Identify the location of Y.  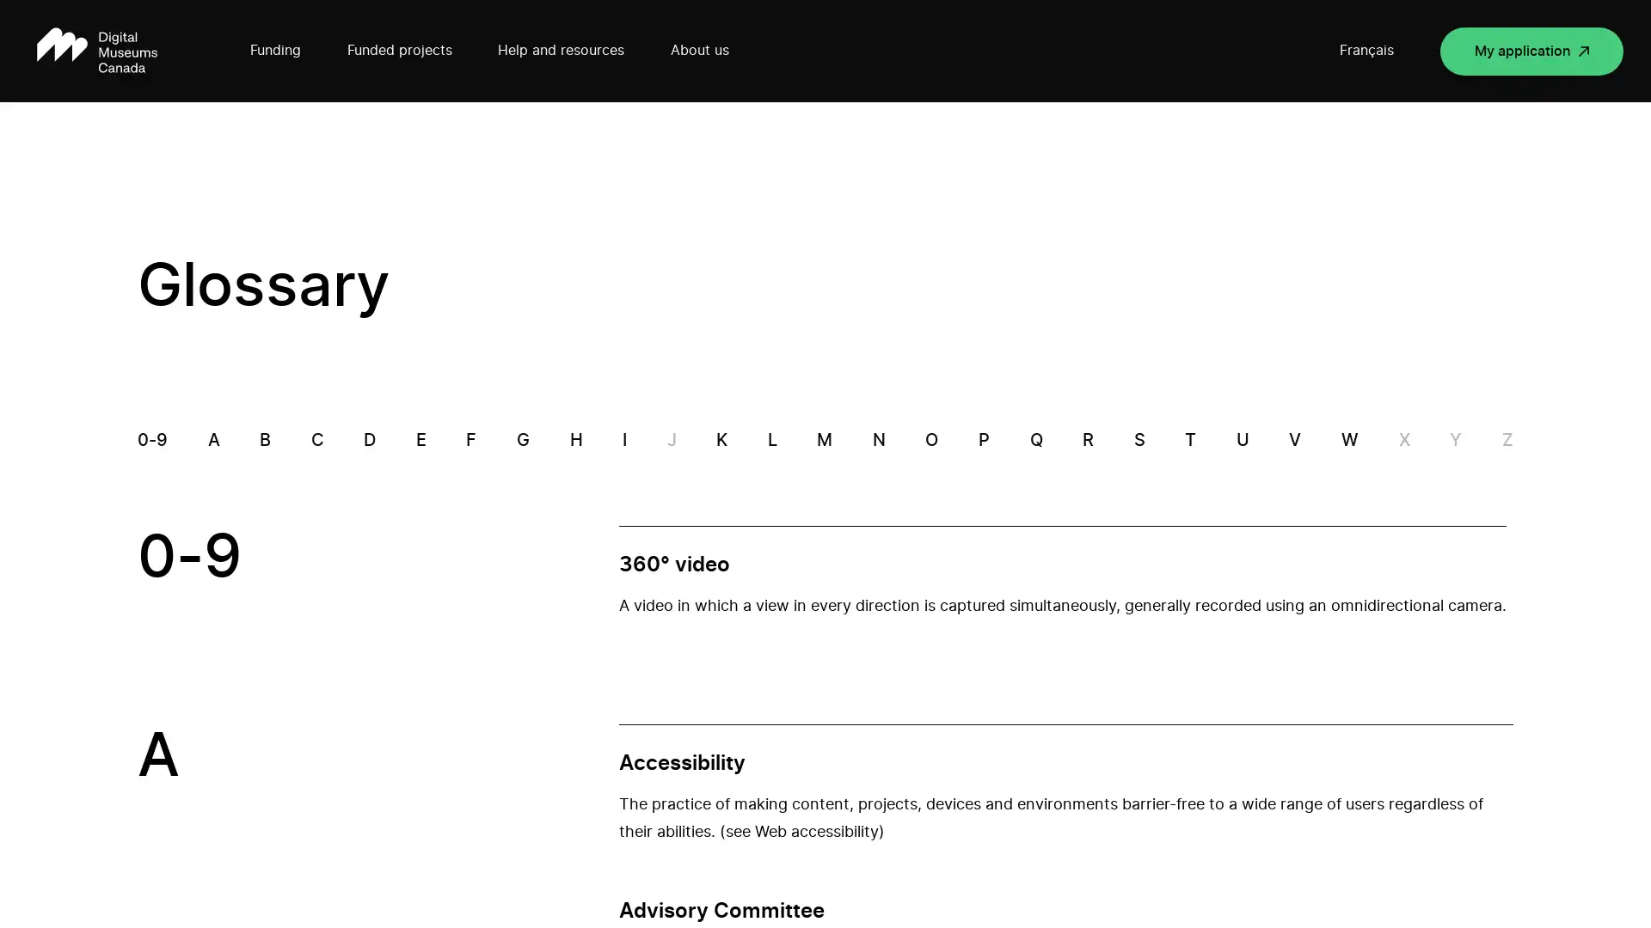
(1455, 440).